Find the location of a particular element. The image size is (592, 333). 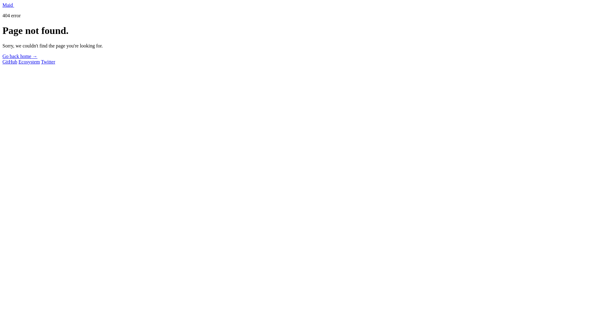

'Ecosystem' is located at coordinates (29, 62).